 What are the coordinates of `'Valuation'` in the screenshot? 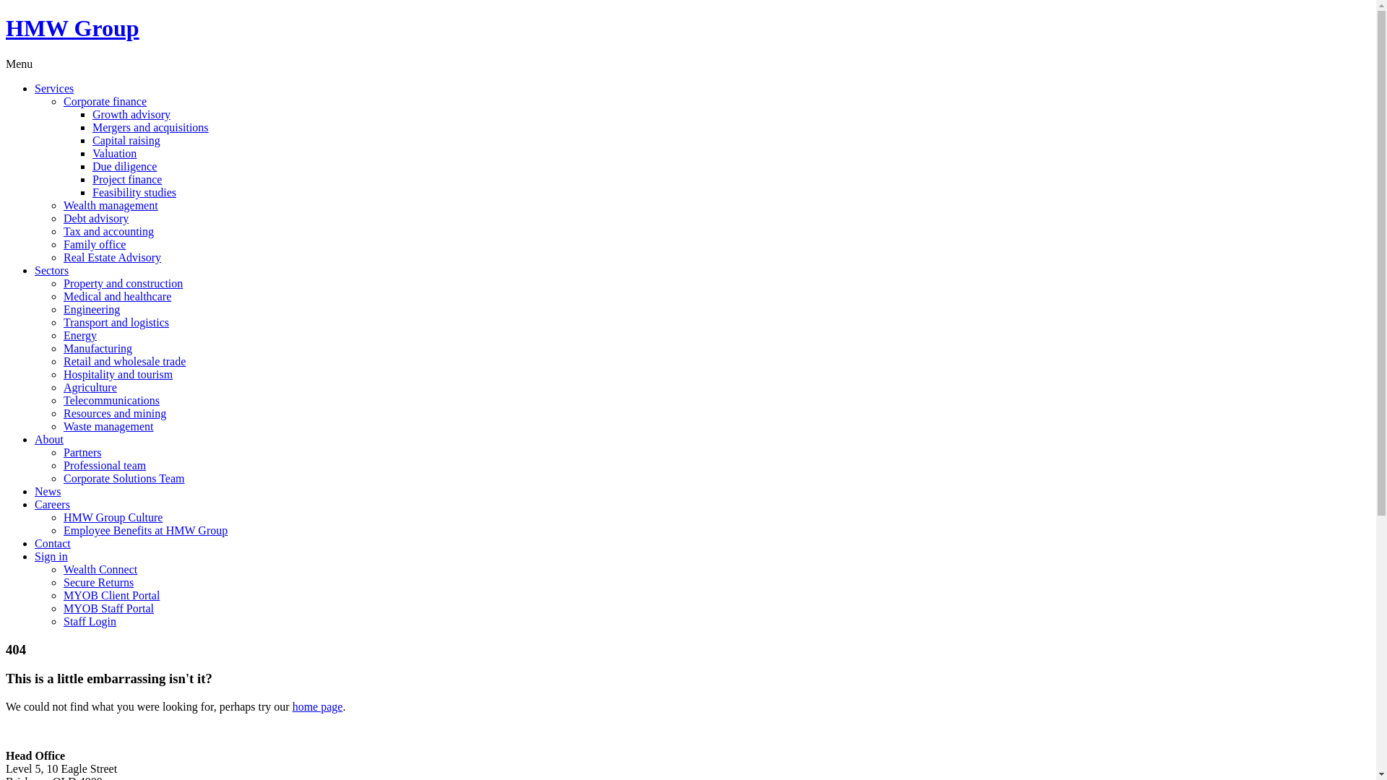 It's located at (113, 153).